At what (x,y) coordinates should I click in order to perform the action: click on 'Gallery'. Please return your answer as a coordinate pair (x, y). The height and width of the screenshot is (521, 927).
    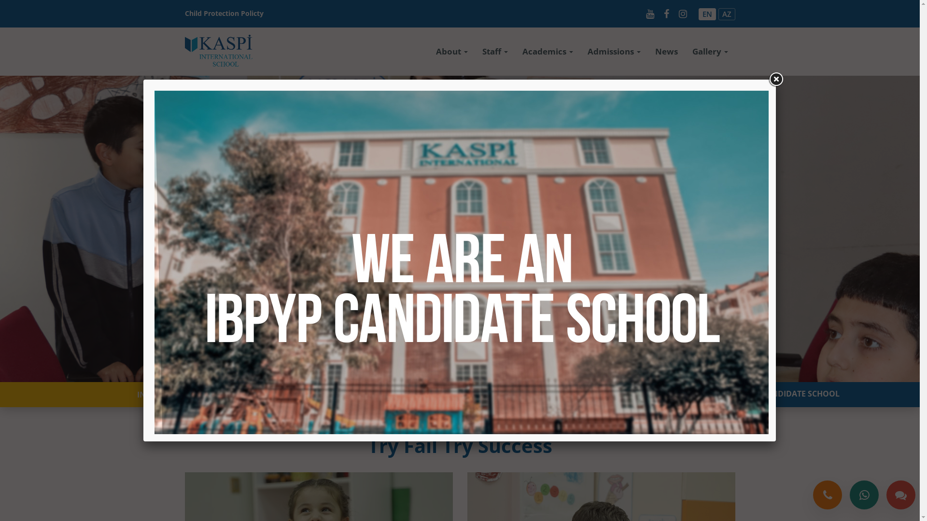
    Looking at the image, I should click on (709, 52).